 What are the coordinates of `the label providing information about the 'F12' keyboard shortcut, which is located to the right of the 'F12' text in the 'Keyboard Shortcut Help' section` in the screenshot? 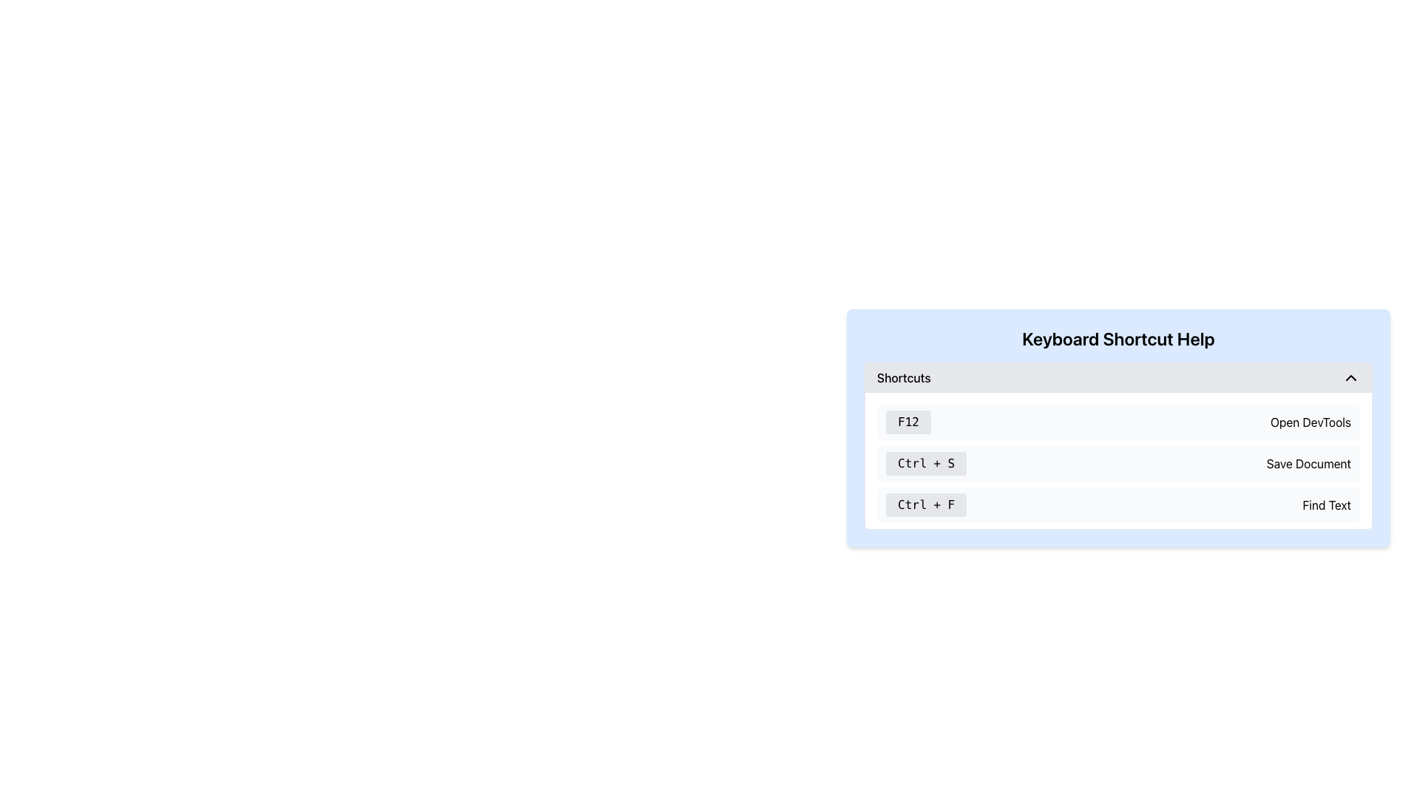 It's located at (1311, 422).